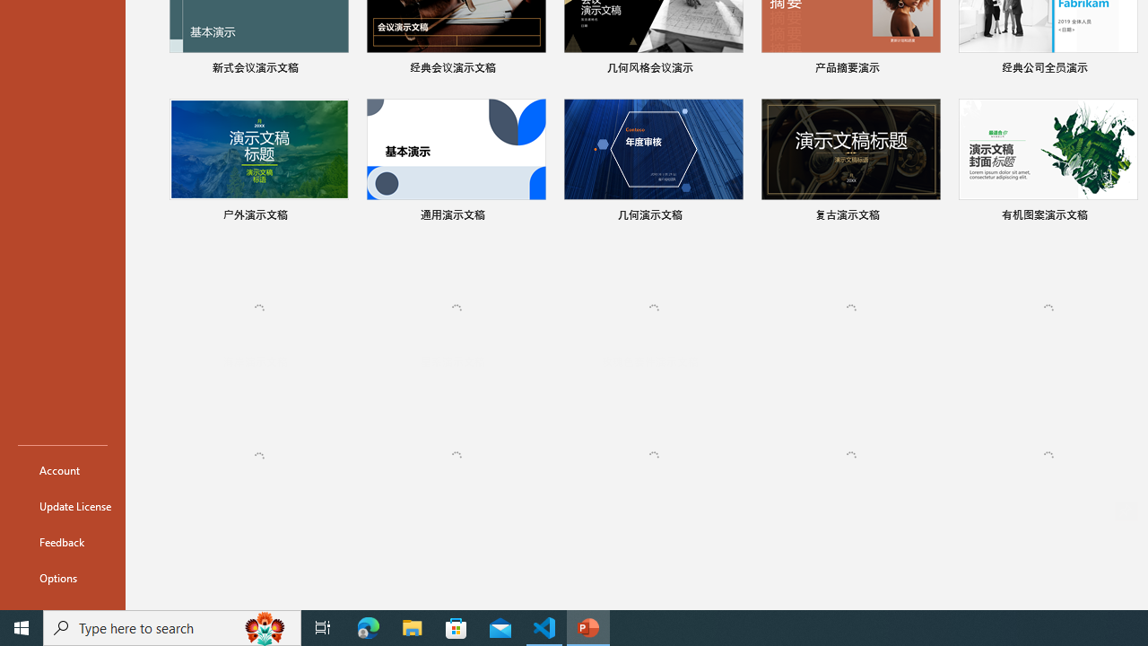 The image size is (1148, 646). Describe the element at coordinates (62, 469) in the screenshot. I see `'Account'` at that location.